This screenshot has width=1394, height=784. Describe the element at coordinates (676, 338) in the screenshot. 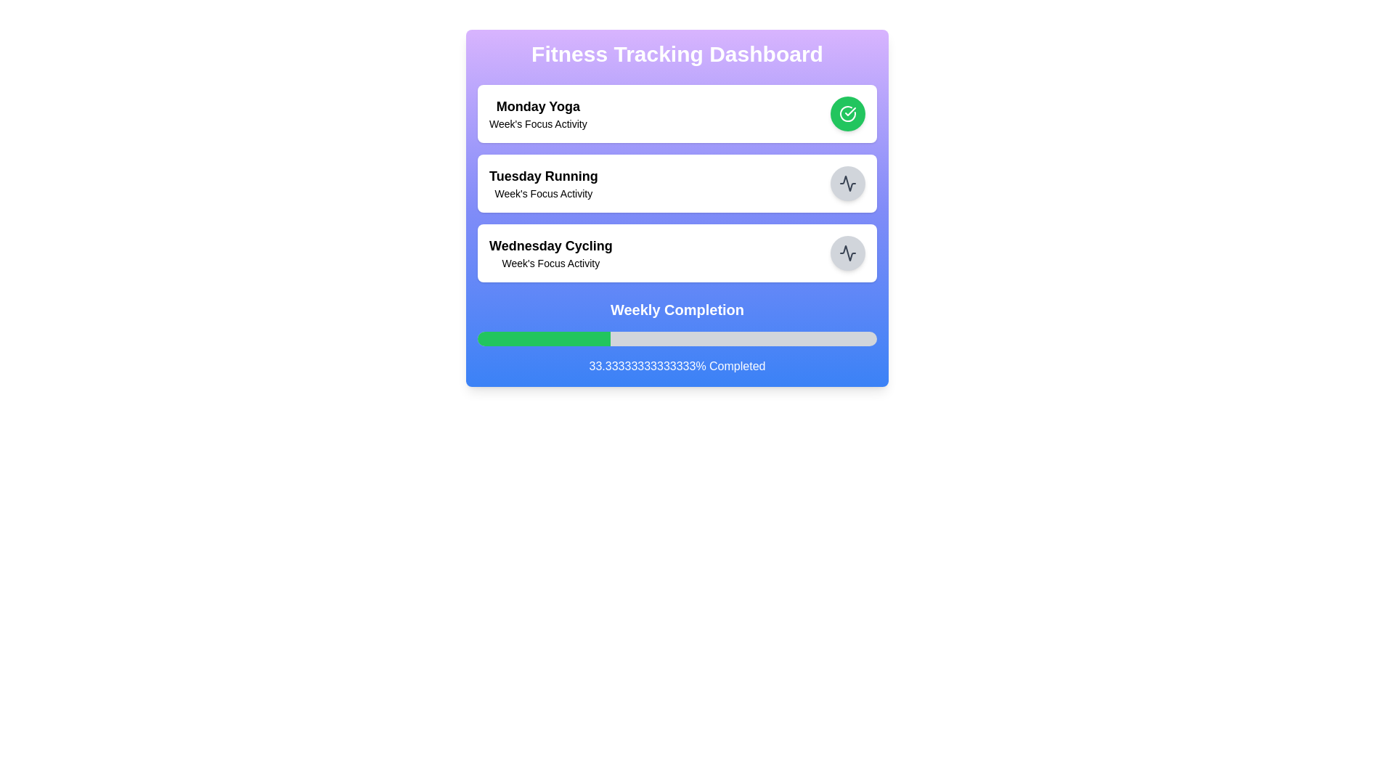

I see `the 'Weekly Completion' Progress Indicator, which features a bold title and a styled progress bar with a green filled section indicating completion` at that location.